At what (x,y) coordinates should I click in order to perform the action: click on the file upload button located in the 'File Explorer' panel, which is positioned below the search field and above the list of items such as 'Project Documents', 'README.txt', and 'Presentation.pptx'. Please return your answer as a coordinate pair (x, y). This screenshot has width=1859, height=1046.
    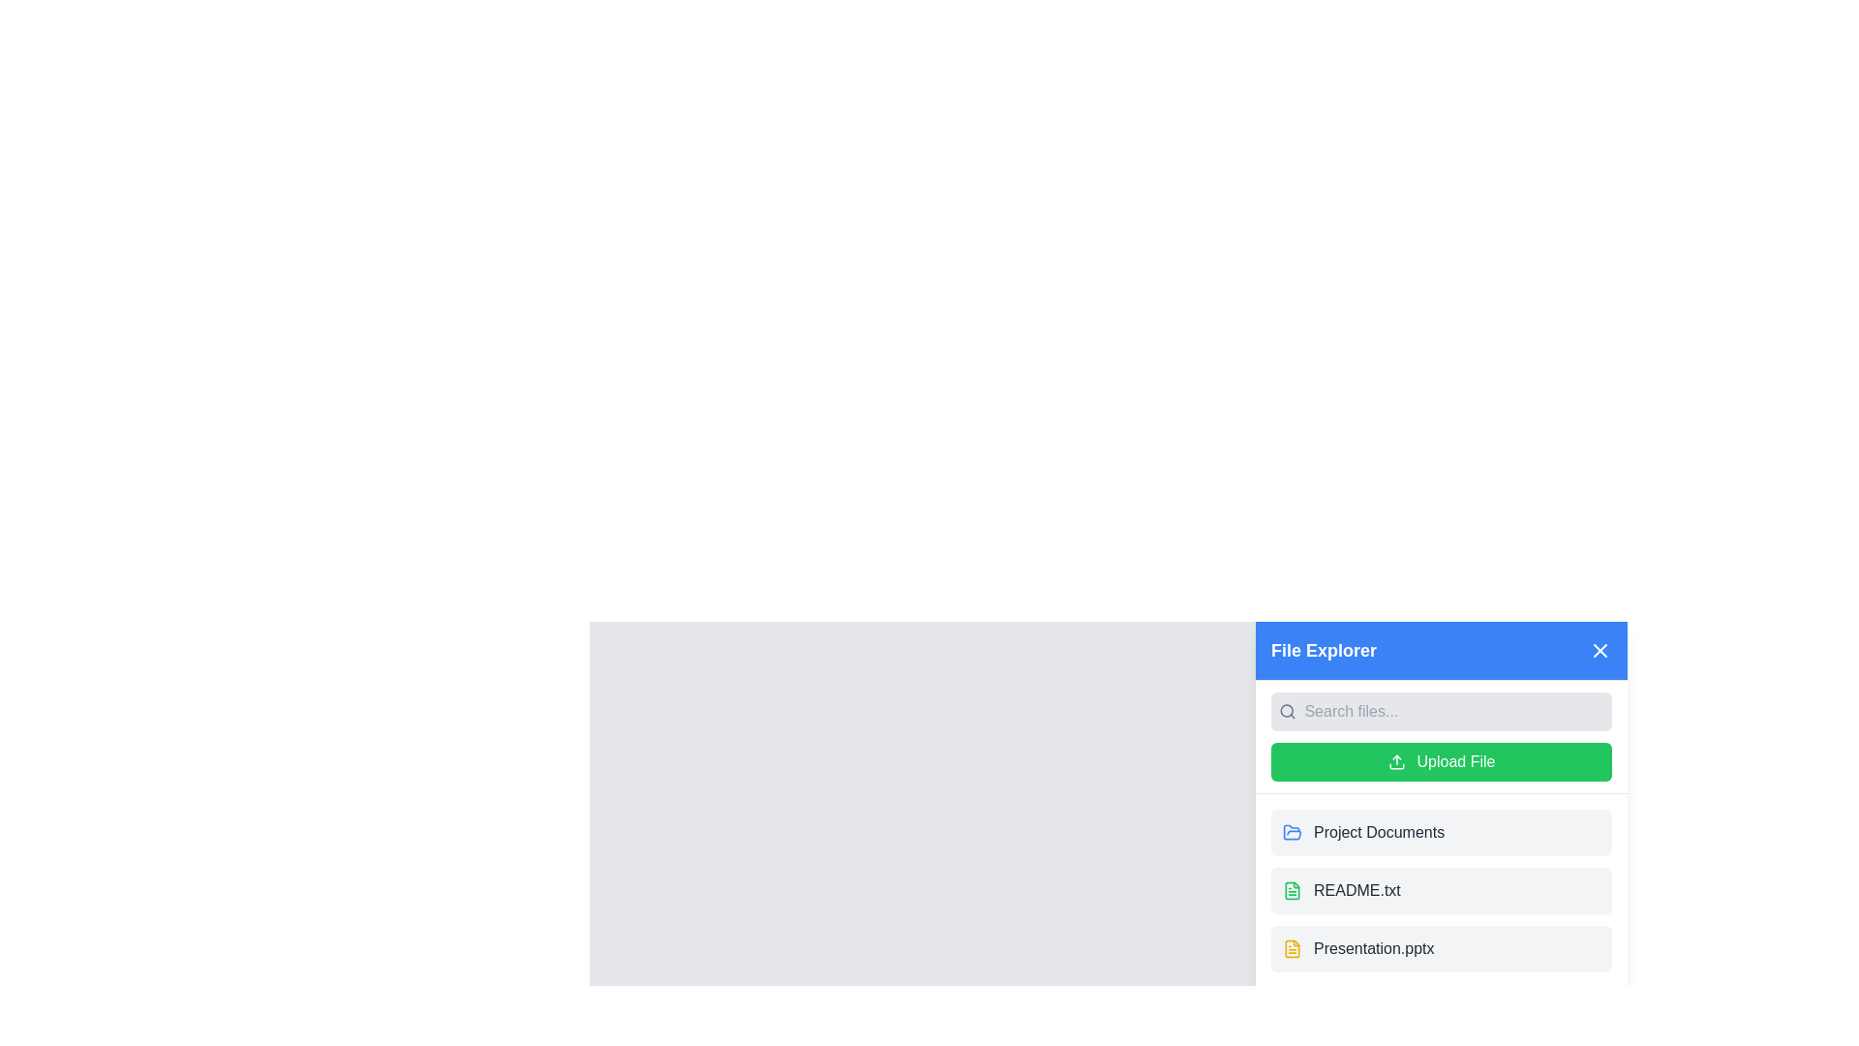
    Looking at the image, I should click on (1441, 736).